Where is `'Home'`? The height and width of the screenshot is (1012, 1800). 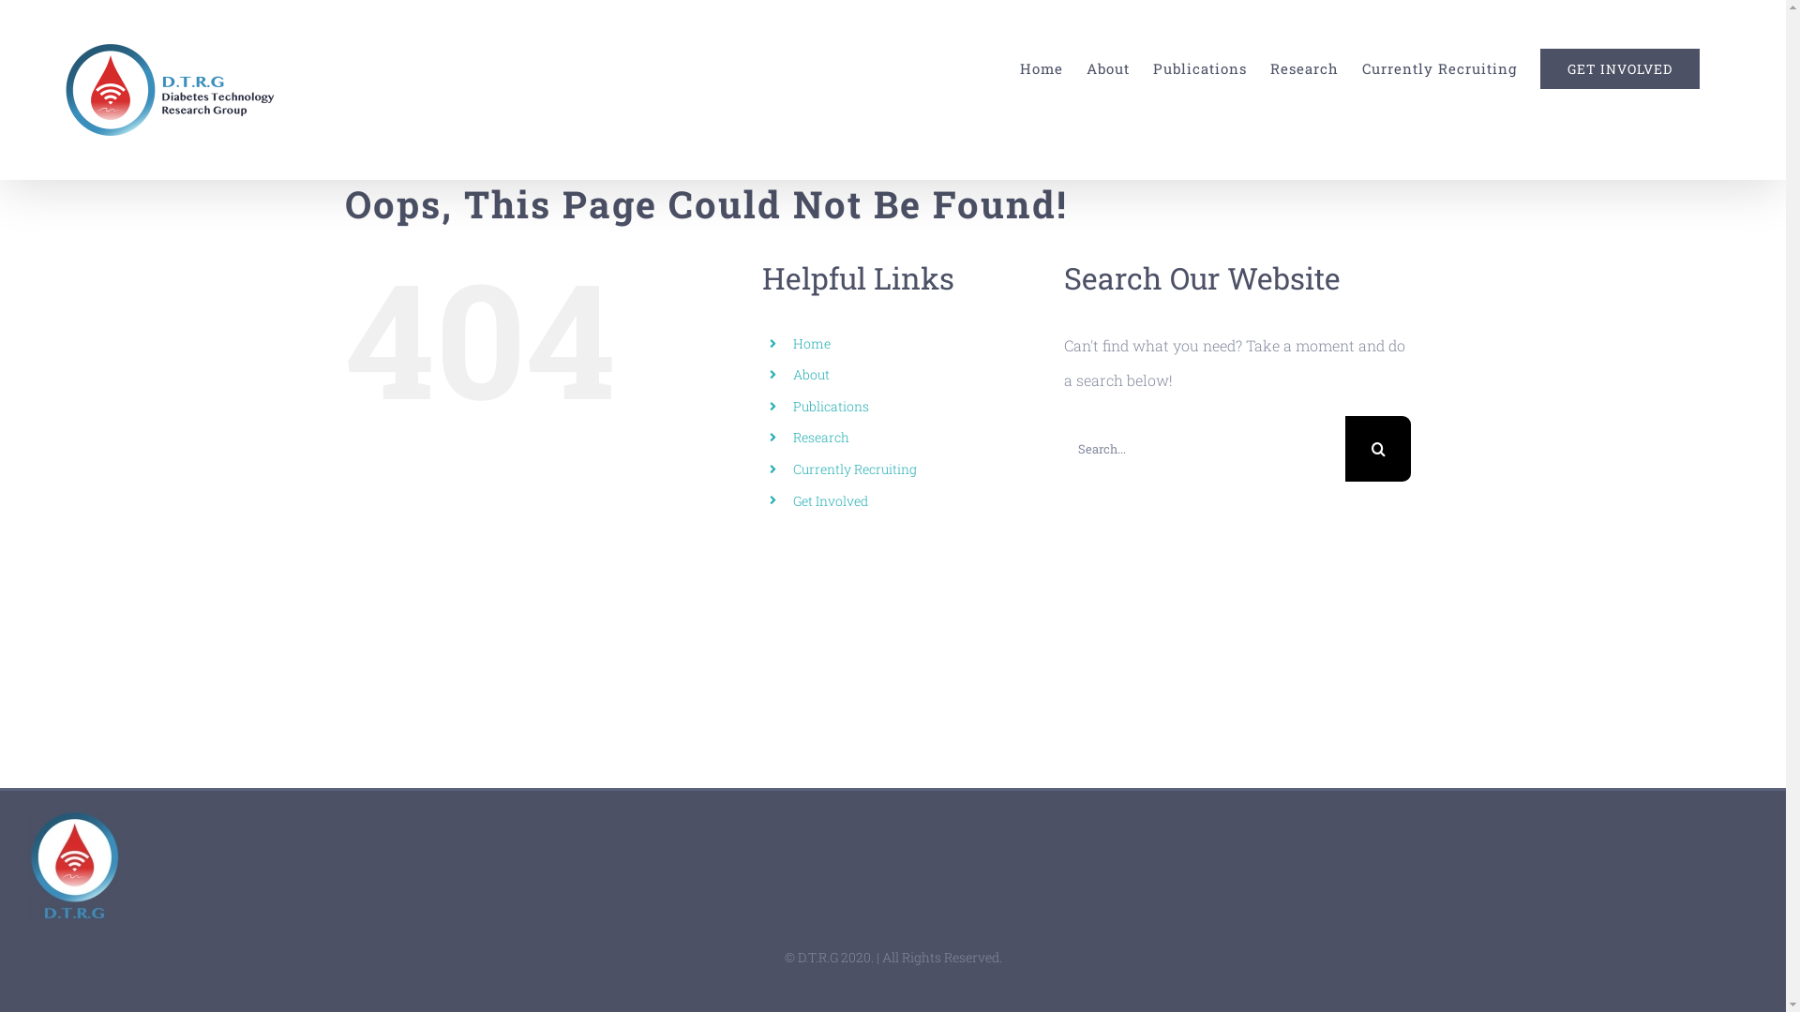 'Home' is located at coordinates (1040, 67).